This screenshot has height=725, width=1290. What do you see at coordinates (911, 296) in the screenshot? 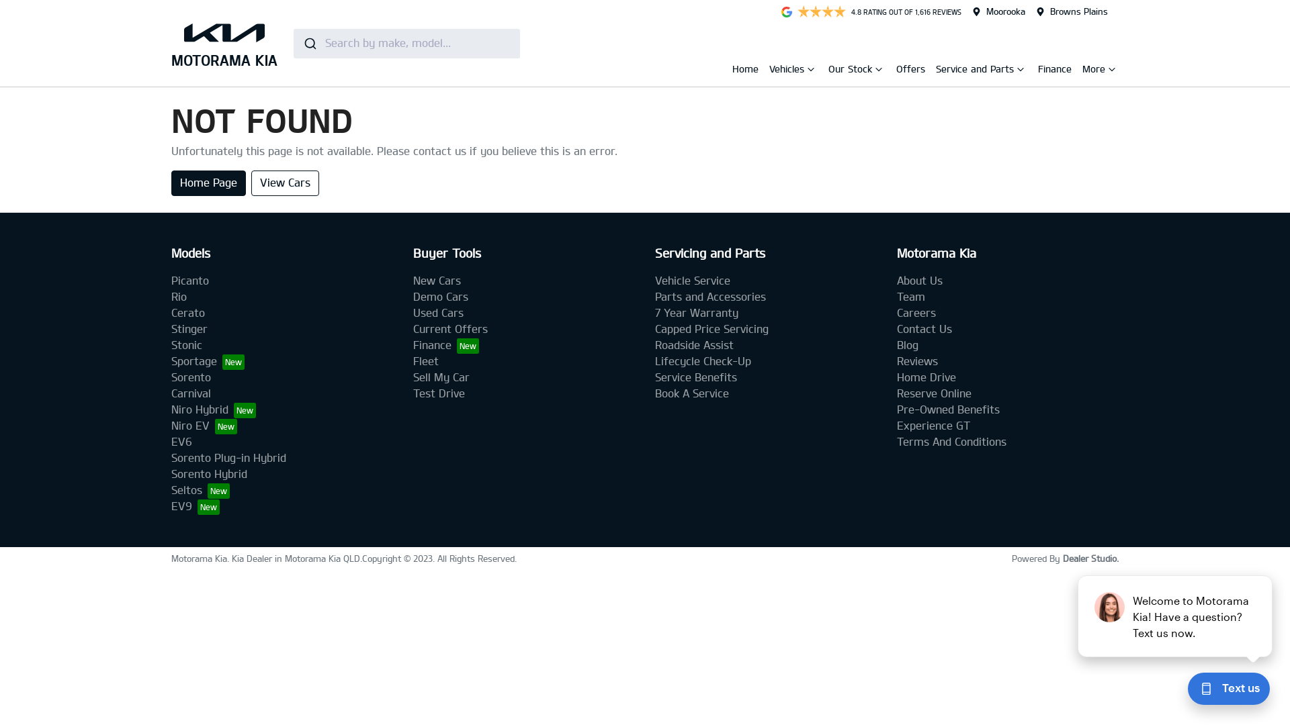
I see `'Team'` at bounding box center [911, 296].